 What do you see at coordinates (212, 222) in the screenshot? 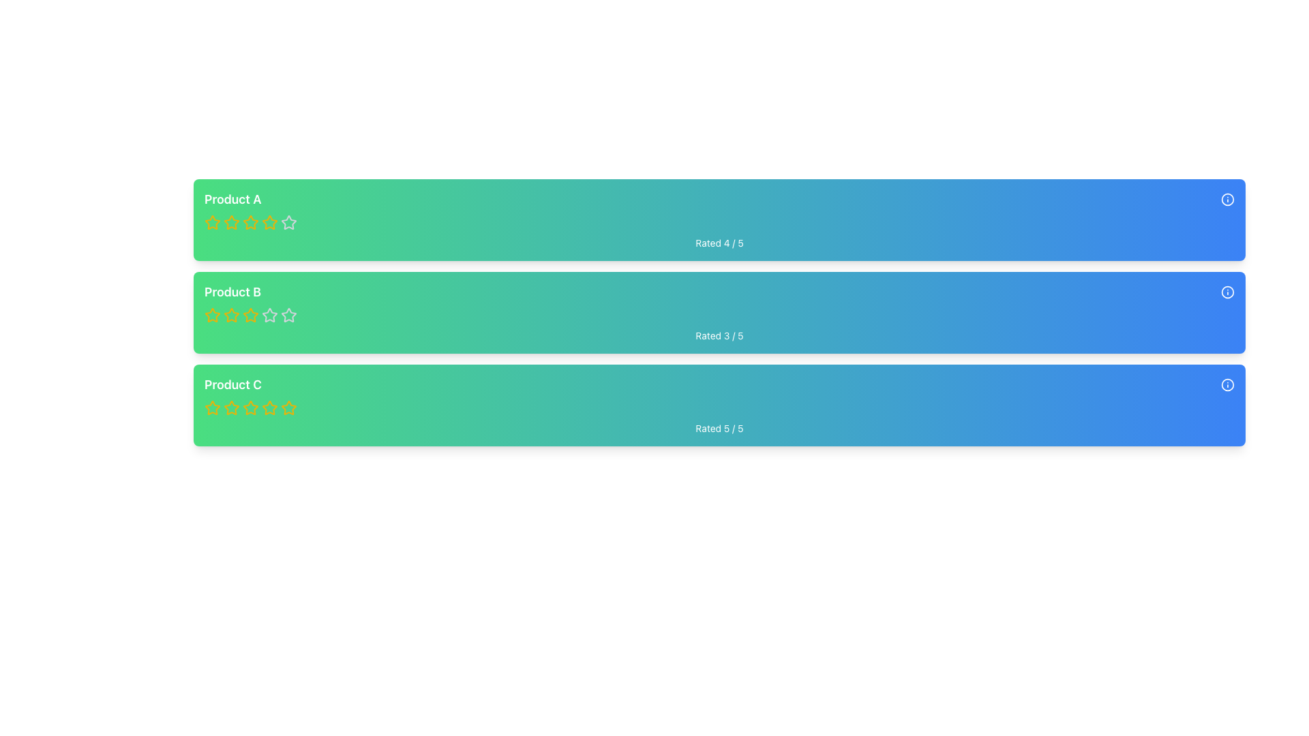
I see `the highlighted yellow star icon, which is the first in a sequence of rating stars located to the right of the 'Product A' label` at bounding box center [212, 222].